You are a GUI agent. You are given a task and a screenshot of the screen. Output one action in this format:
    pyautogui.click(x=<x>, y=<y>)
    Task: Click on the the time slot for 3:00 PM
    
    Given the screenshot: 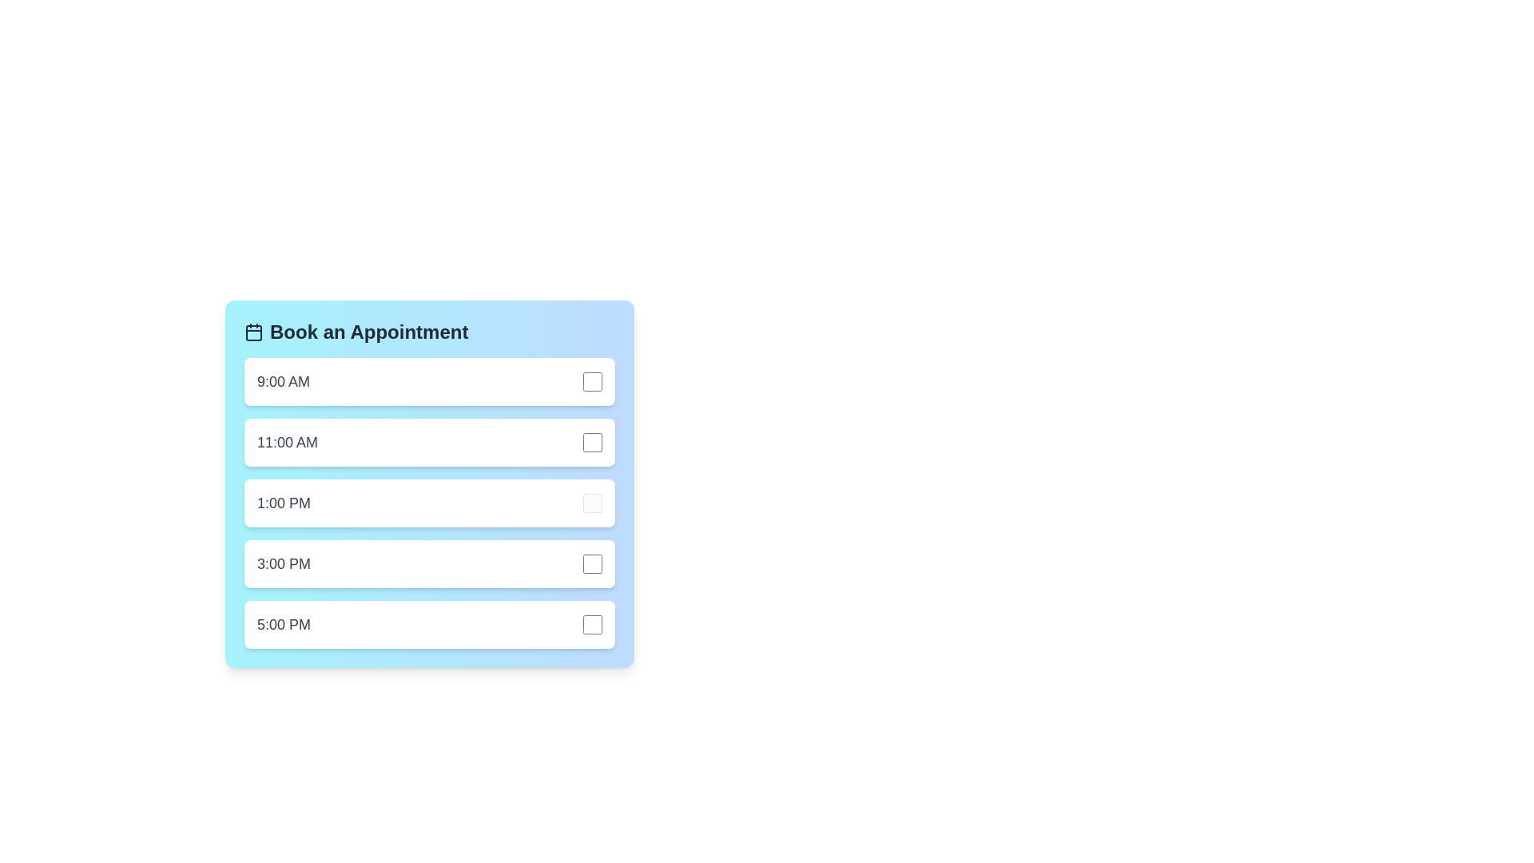 What is the action you would take?
    pyautogui.click(x=429, y=563)
    